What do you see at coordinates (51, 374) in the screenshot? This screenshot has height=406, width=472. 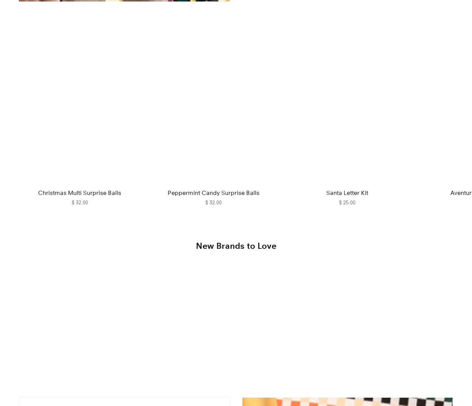 I see `'Wilkin & May'` at bounding box center [51, 374].